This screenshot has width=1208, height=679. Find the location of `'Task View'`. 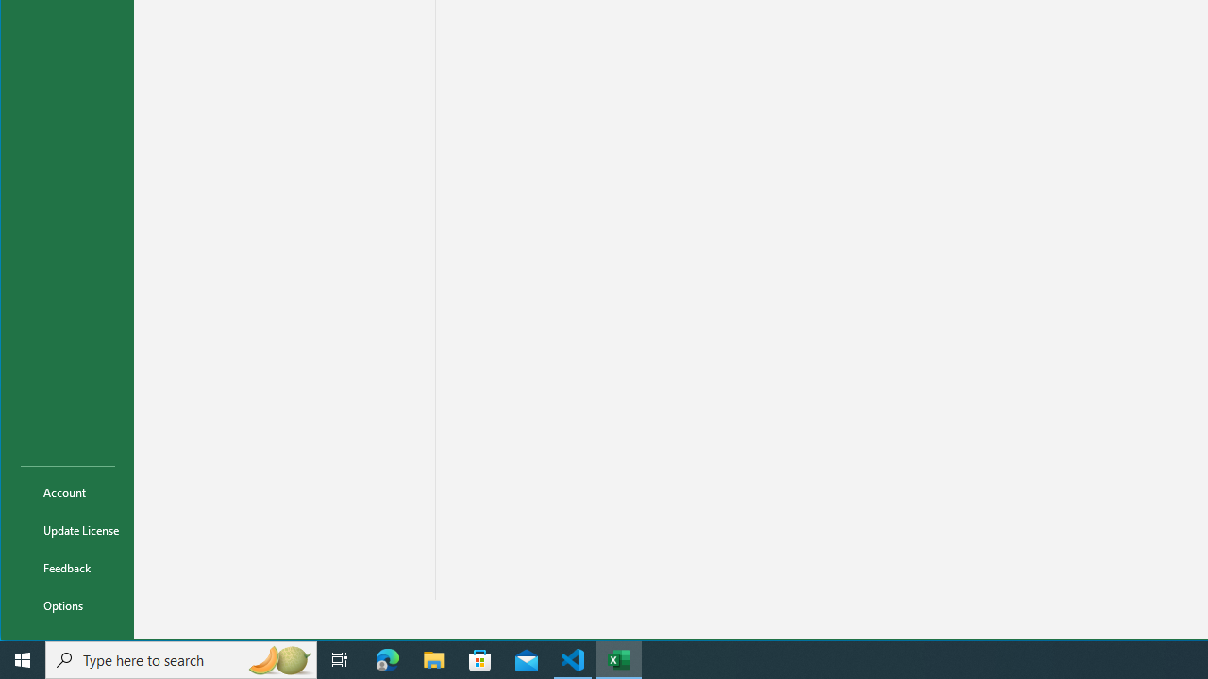

'Task View' is located at coordinates (339, 658).